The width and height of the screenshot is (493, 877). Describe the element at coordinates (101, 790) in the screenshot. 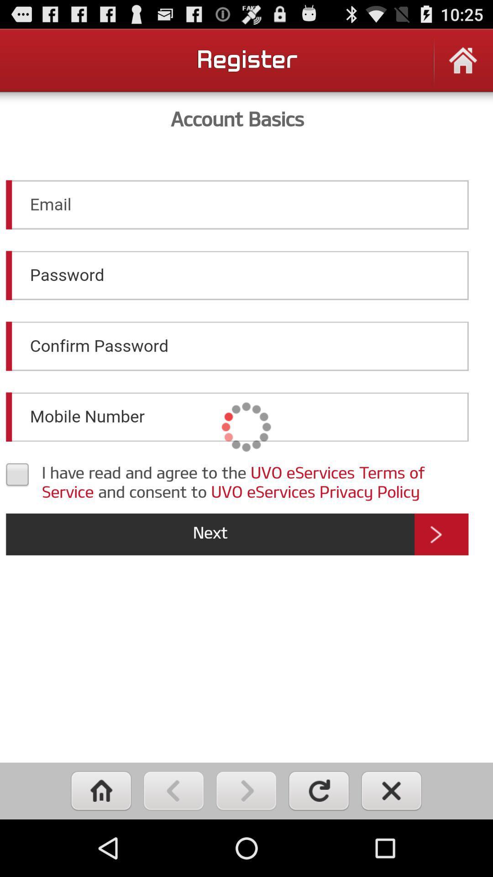

I see `go homepage` at that location.